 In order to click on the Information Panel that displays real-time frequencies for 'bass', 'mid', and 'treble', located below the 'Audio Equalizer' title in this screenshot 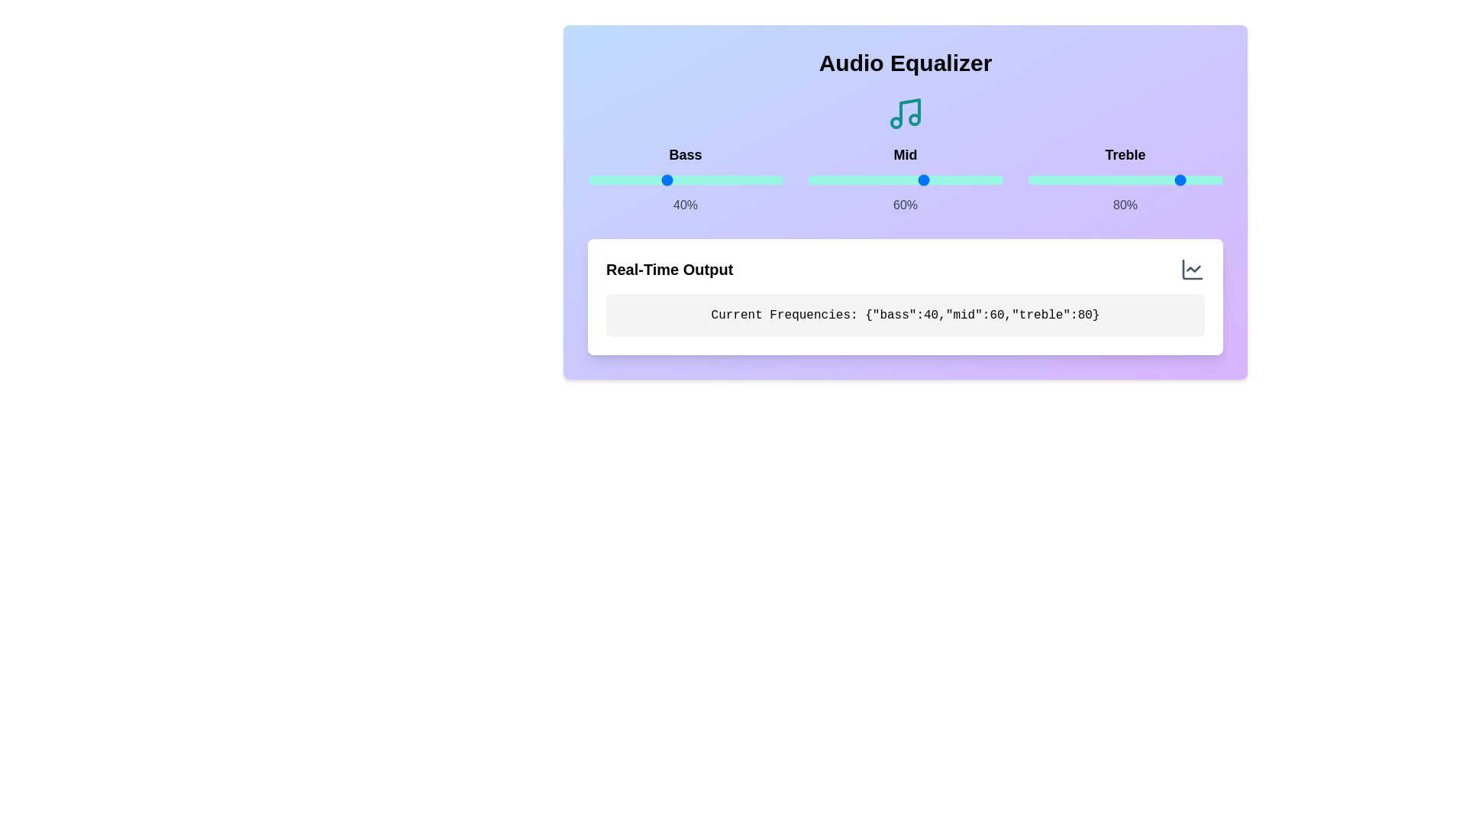, I will do `click(905, 297)`.